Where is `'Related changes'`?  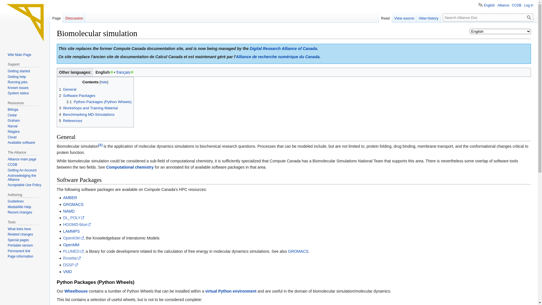 'Related changes' is located at coordinates (20, 234).